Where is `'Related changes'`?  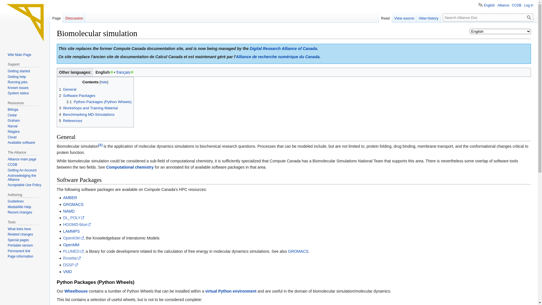 'Related changes' is located at coordinates (20, 234).